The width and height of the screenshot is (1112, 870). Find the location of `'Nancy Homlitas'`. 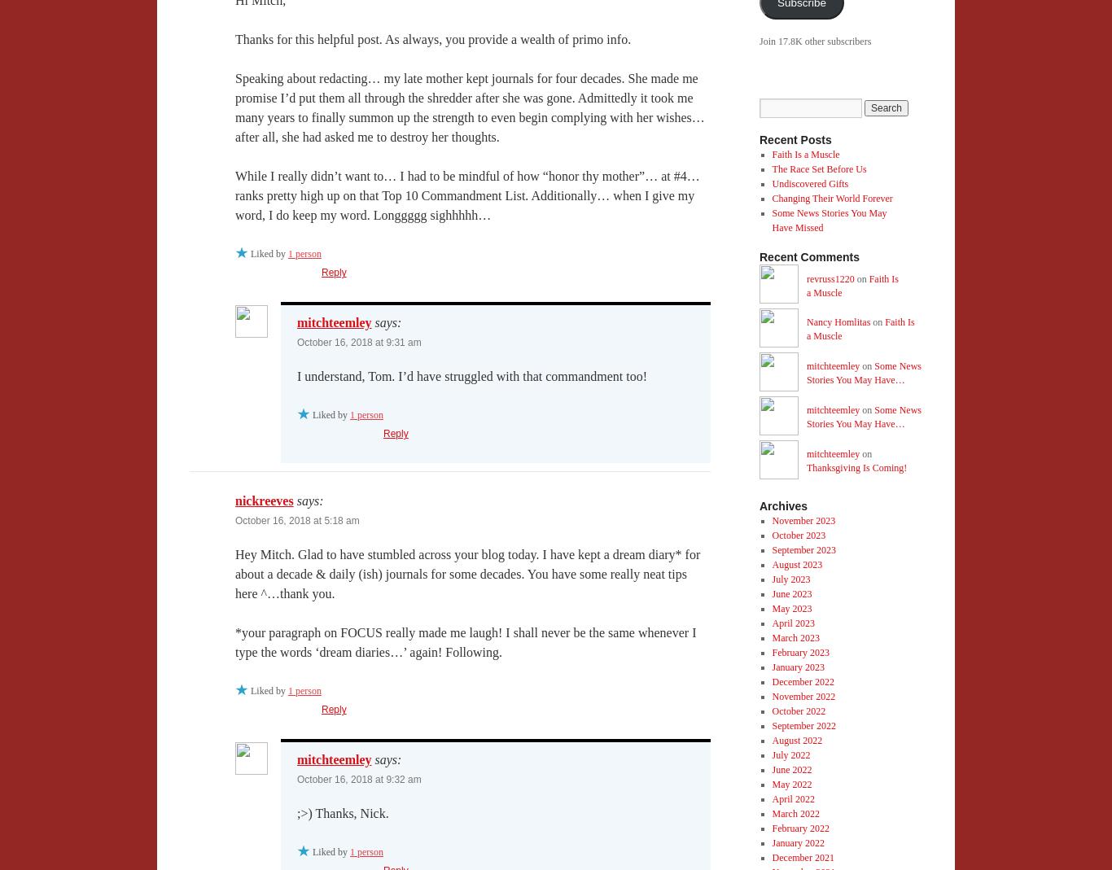

'Nancy Homlitas' is located at coordinates (837, 321).